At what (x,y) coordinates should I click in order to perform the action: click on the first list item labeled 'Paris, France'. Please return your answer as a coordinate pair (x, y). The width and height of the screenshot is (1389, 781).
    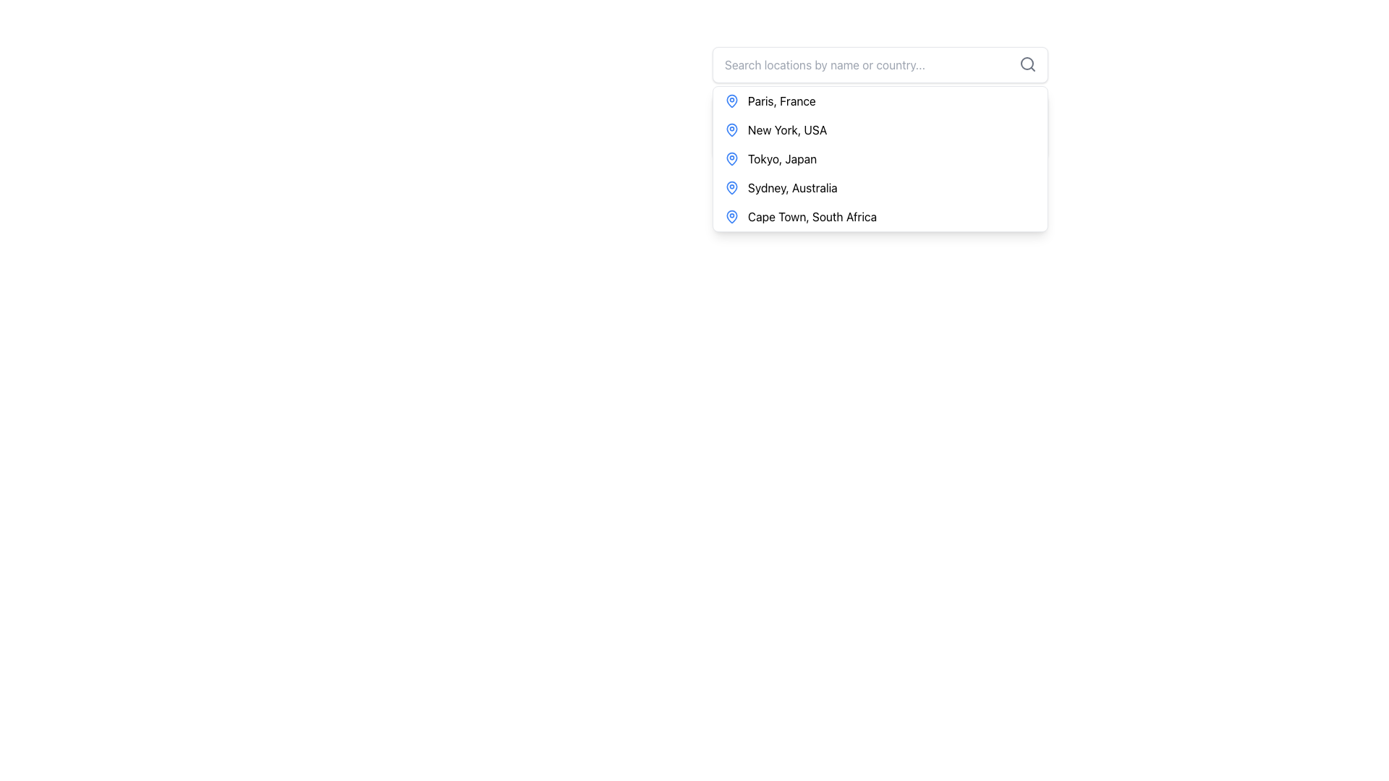
    Looking at the image, I should click on (880, 100).